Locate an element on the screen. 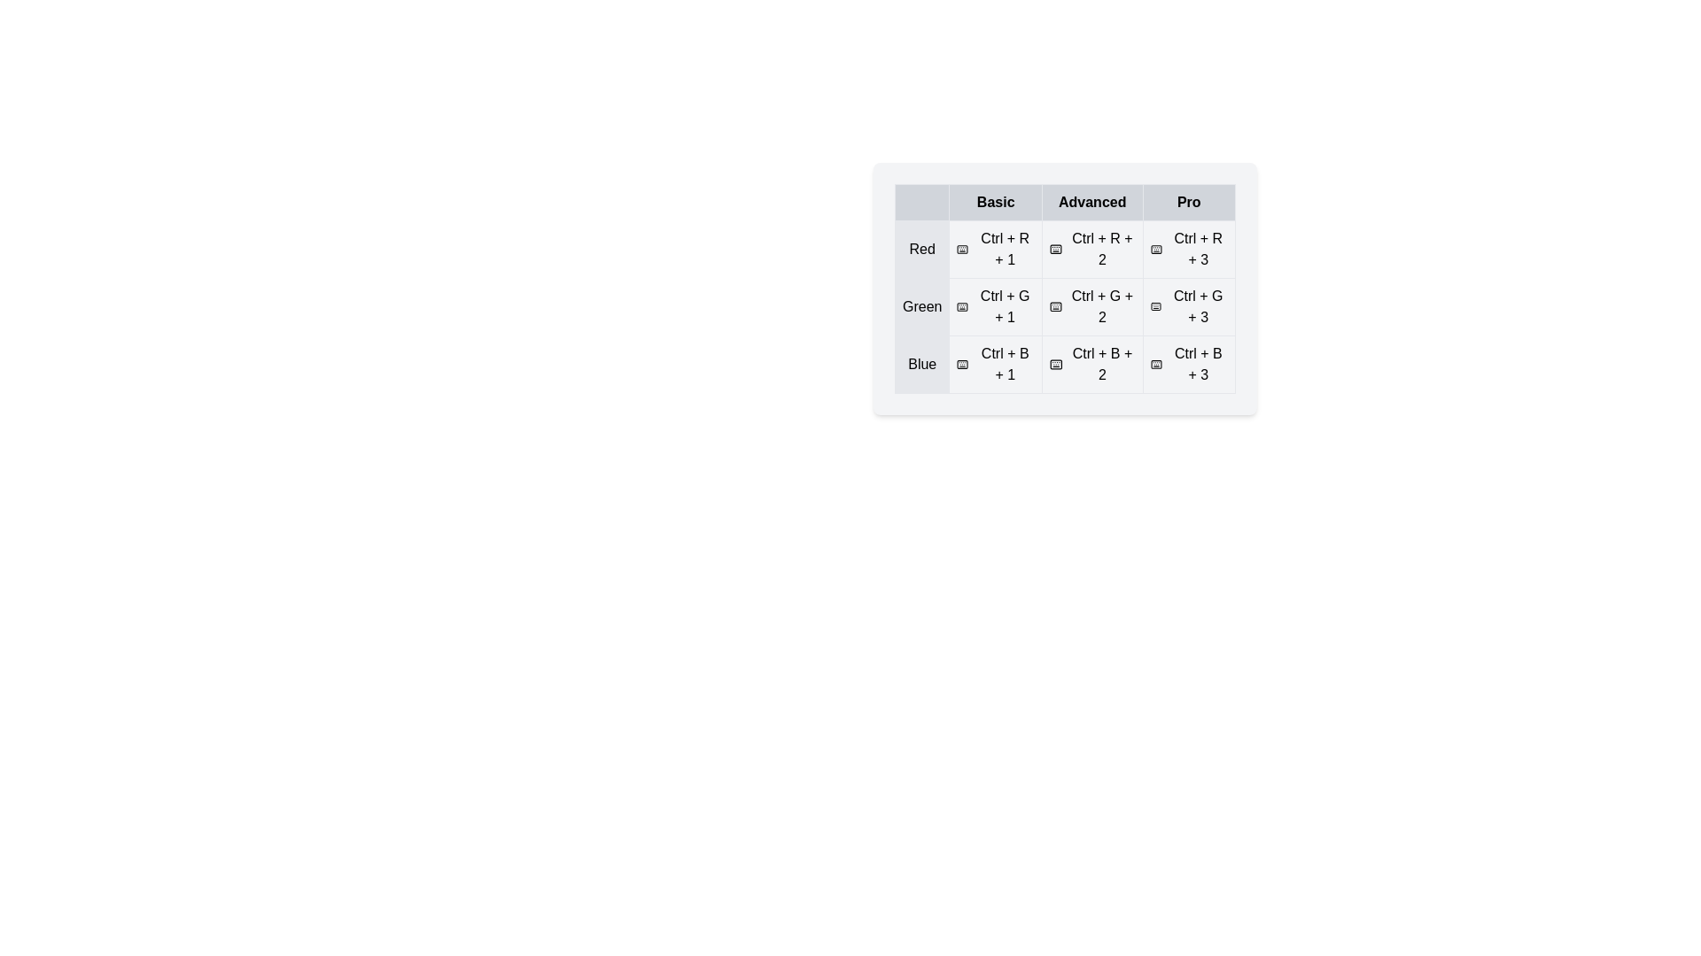 The height and width of the screenshot is (956, 1701). the rectangular graphic icon component representing a keyboard key, which is styled minimally and positioned centrally among similar elements is located at coordinates (1156, 364).